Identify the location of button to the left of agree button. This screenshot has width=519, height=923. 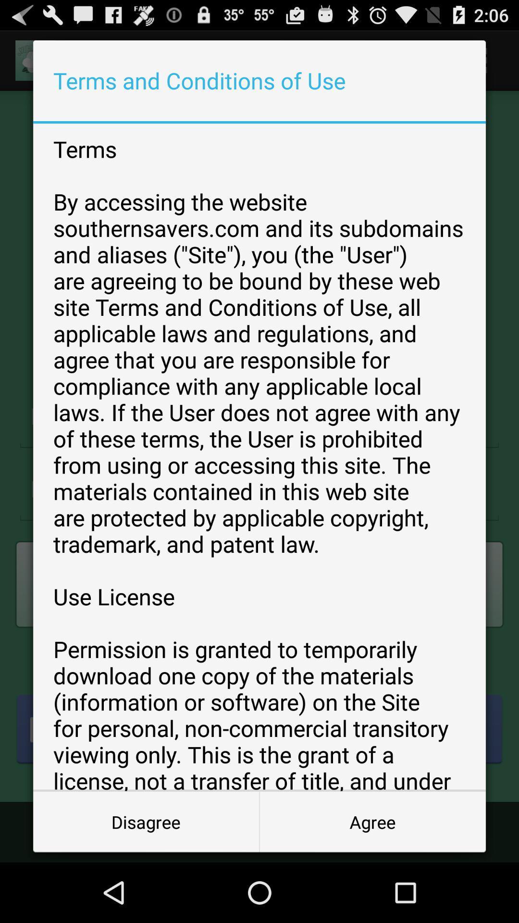
(146, 821).